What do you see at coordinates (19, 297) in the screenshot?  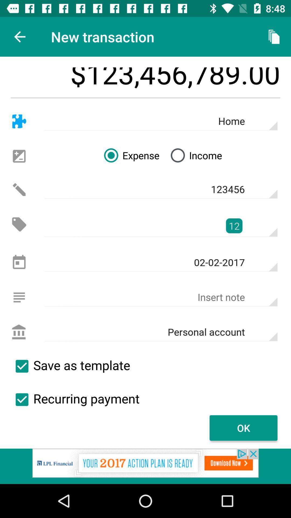 I see `write note` at bounding box center [19, 297].